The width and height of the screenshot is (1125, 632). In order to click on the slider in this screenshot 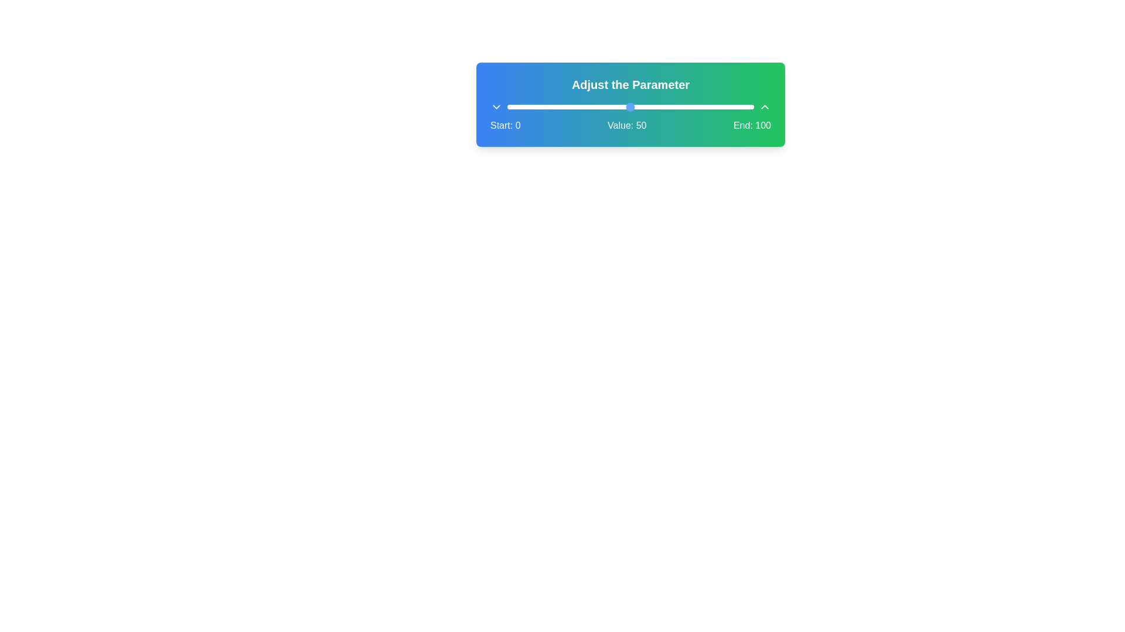, I will do `click(558, 107)`.